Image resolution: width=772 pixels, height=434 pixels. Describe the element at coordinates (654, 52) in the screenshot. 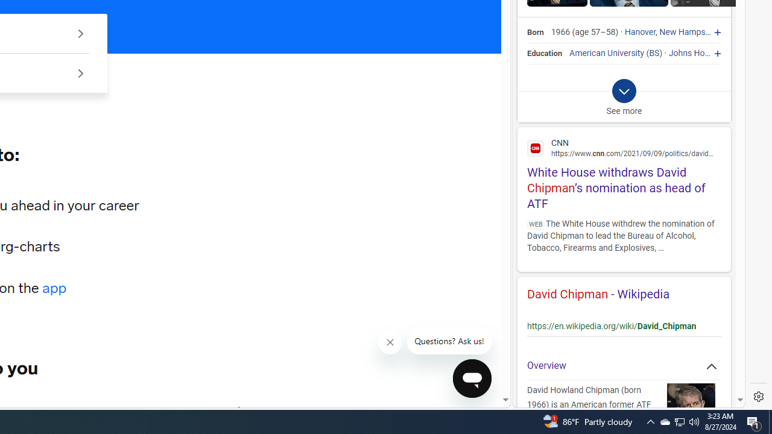

I see `'BS'` at that location.